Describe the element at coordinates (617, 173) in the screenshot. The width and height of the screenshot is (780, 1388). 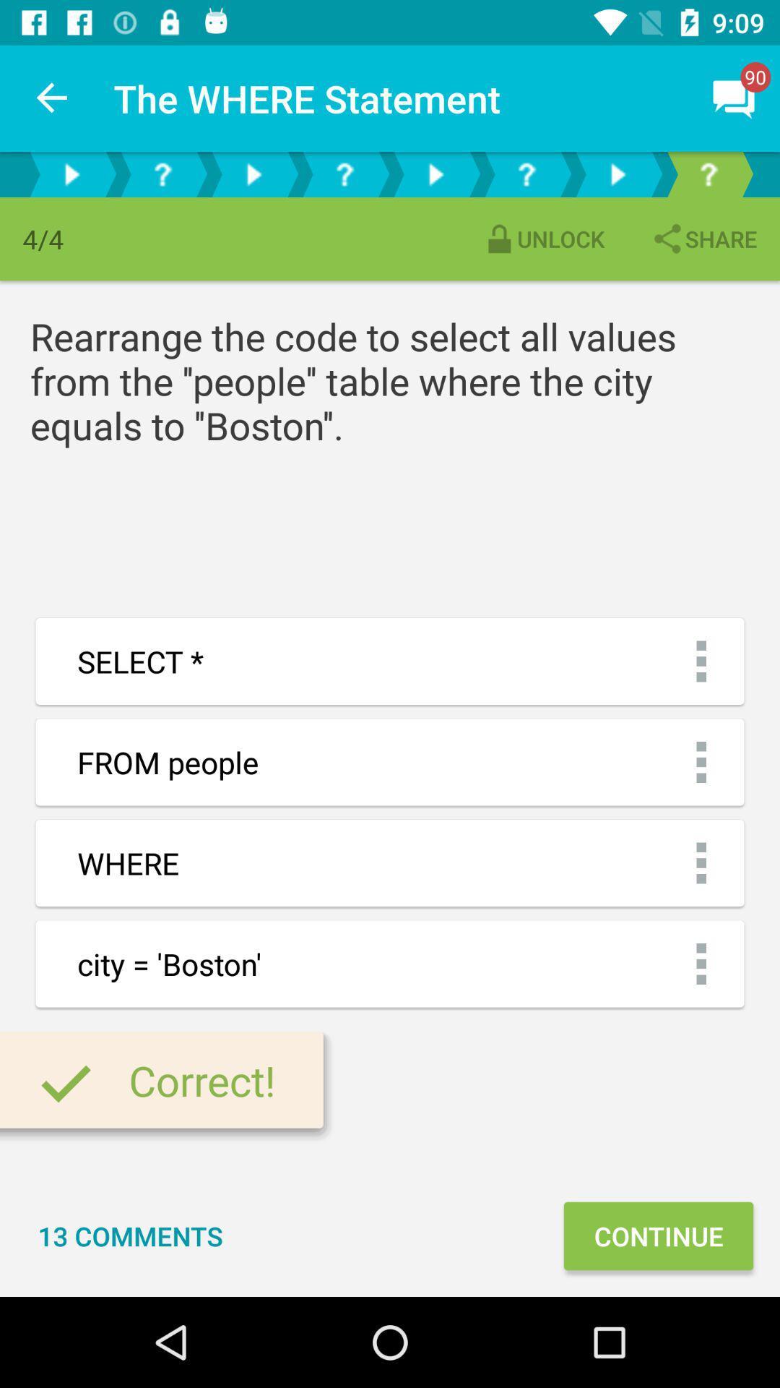
I see `preview next` at that location.